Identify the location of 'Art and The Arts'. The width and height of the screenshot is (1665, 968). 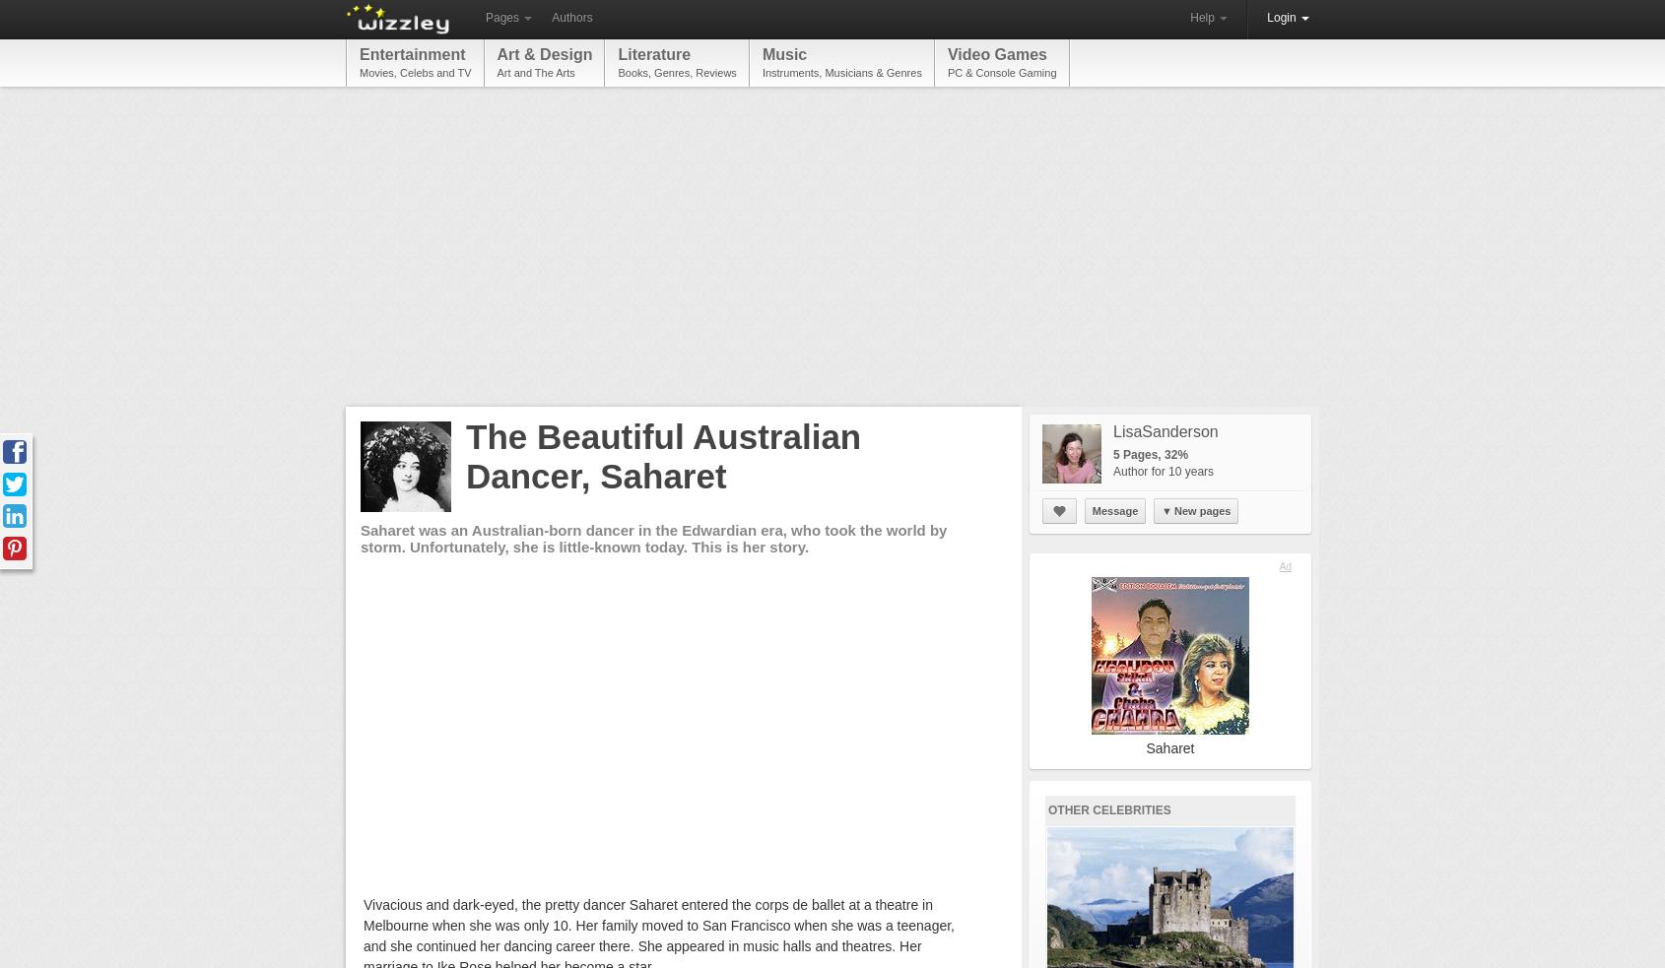
(534, 72).